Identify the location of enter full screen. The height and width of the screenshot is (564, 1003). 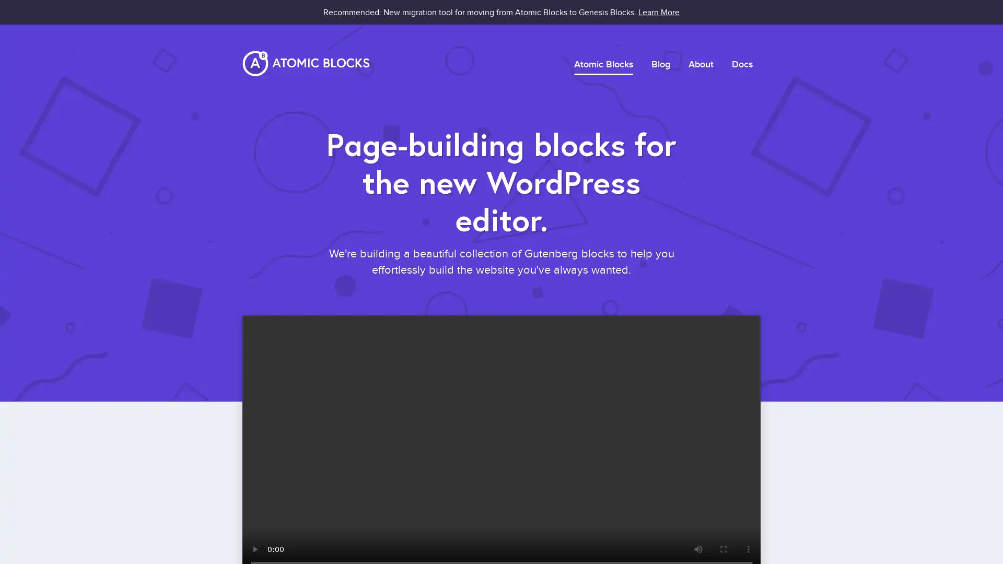
(722, 549).